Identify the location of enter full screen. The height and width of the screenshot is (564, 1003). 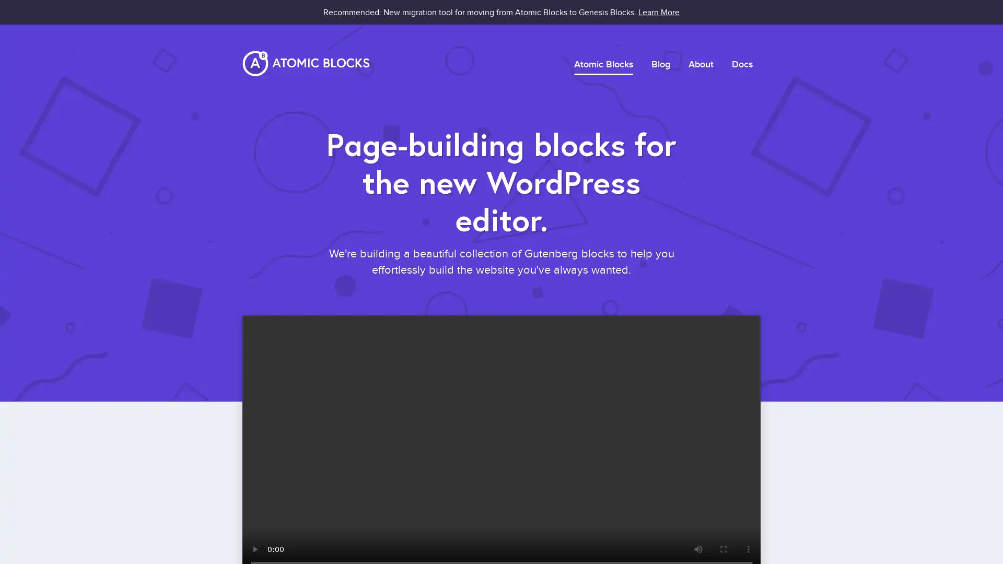
(722, 549).